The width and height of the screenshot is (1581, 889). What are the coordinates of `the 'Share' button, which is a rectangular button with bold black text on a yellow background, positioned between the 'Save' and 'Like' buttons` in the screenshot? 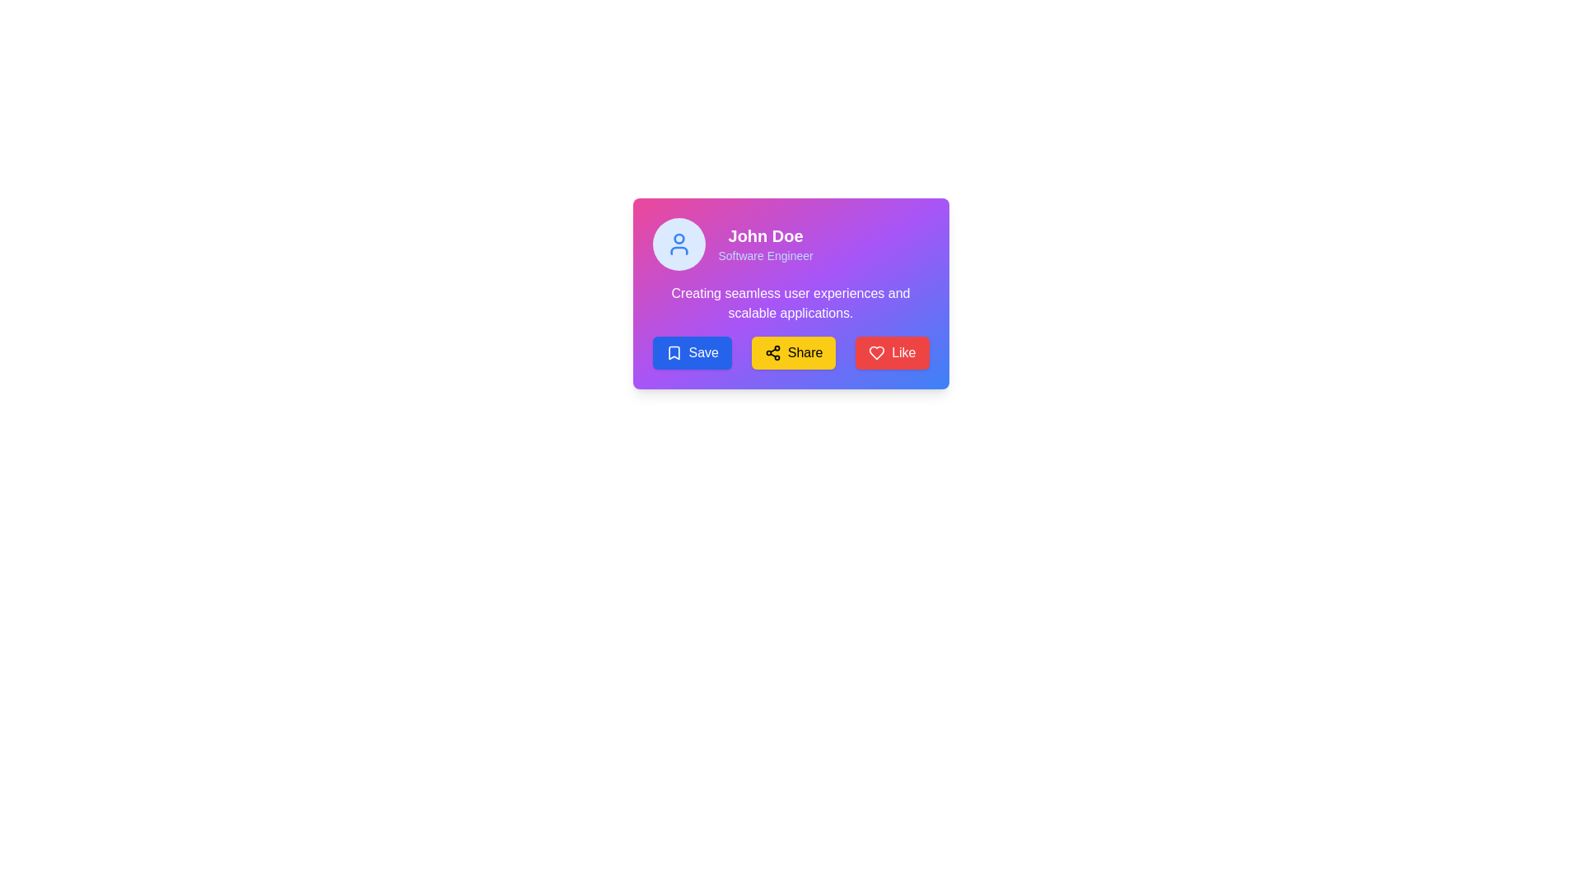 It's located at (794, 351).